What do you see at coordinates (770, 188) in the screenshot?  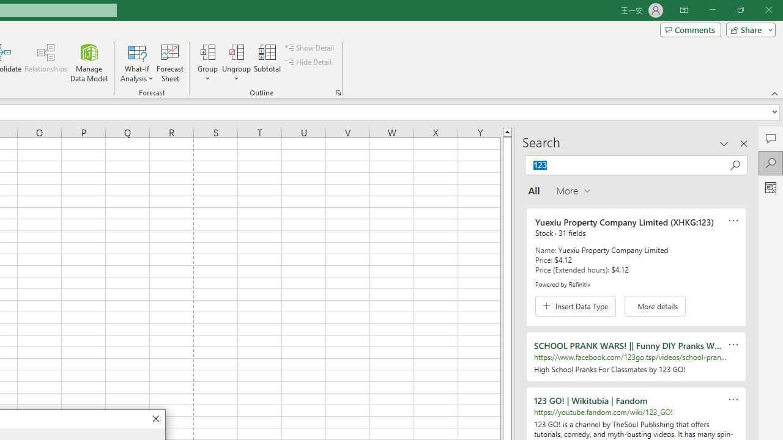 I see `'Analyze Data'` at bounding box center [770, 188].